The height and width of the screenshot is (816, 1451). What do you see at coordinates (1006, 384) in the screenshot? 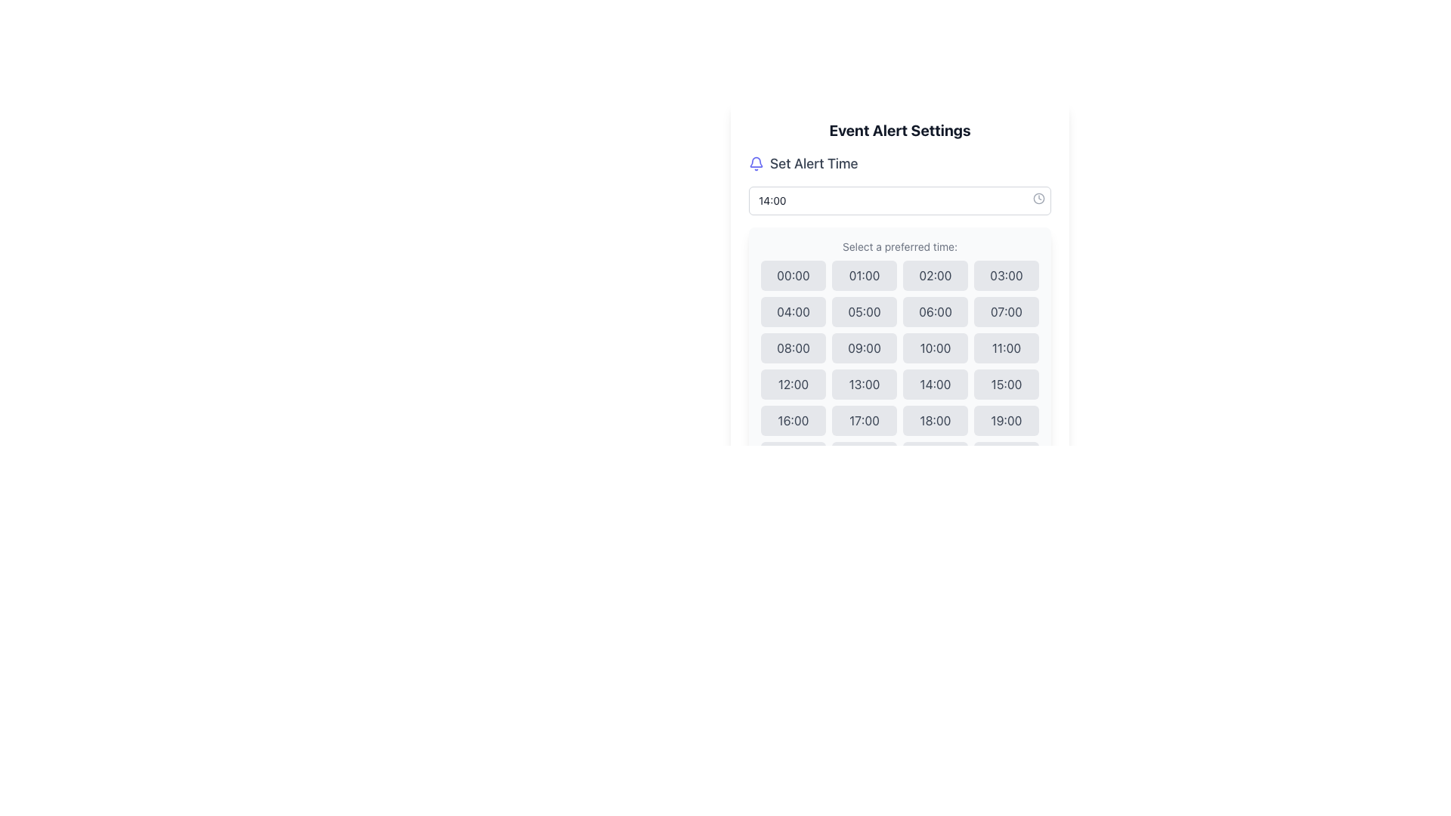
I see `the button located in the fourth column of the fourth row` at bounding box center [1006, 384].